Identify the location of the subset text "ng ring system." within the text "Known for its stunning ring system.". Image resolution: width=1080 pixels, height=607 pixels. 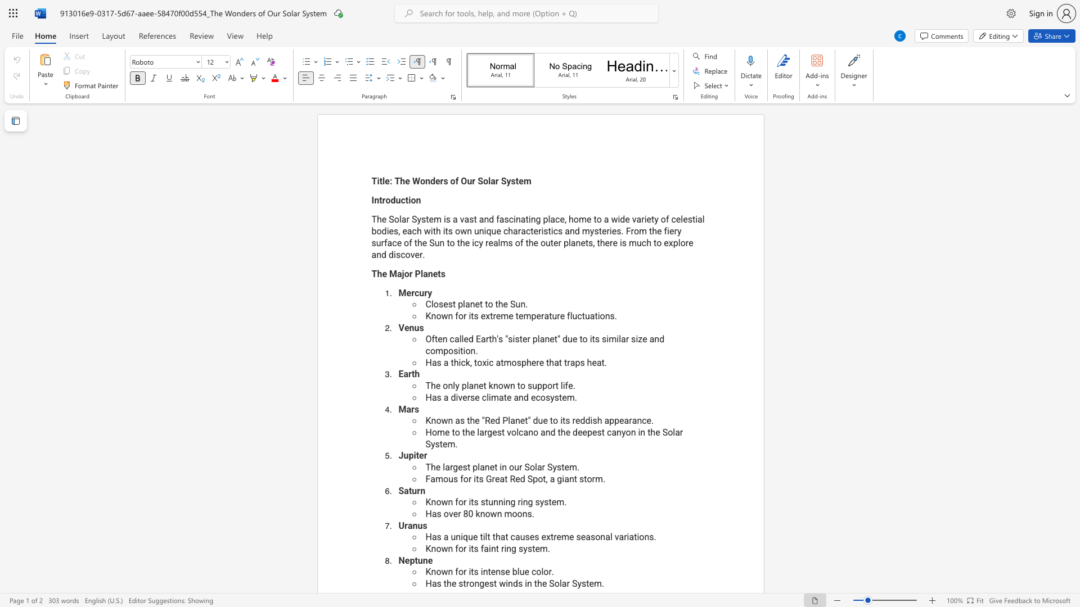
(505, 501).